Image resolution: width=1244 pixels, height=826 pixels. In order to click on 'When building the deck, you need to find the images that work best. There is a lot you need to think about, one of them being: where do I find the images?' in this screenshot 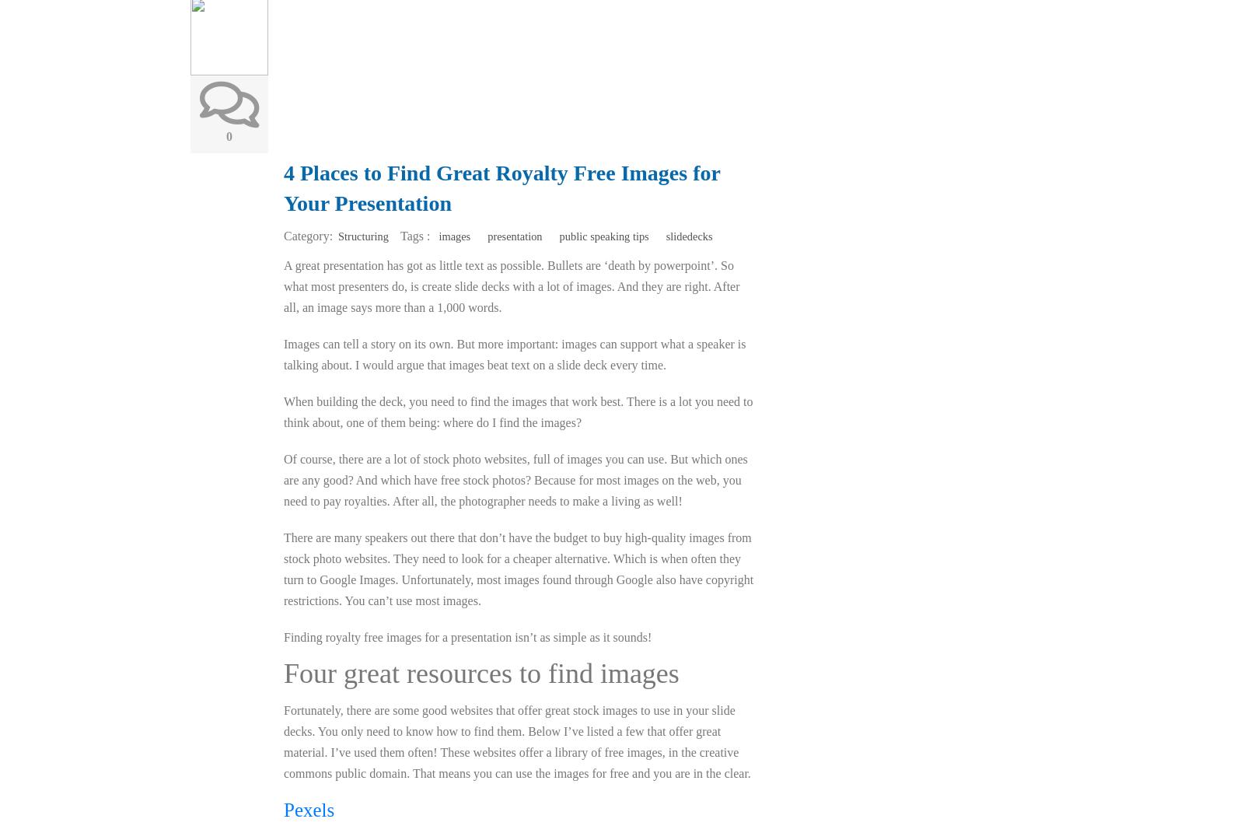, I will do `click(518, 411)`.